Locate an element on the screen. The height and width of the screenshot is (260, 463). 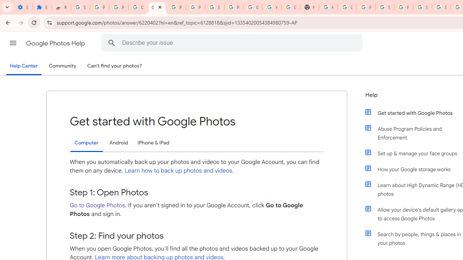
'https://scholar.google.com/' is located at coordinates (328, 7).